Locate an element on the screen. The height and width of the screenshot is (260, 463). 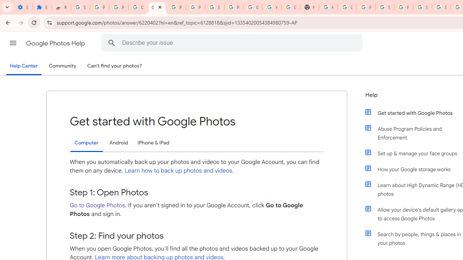
'https://scholar.google.com/' is located at coordinates (328, 7).